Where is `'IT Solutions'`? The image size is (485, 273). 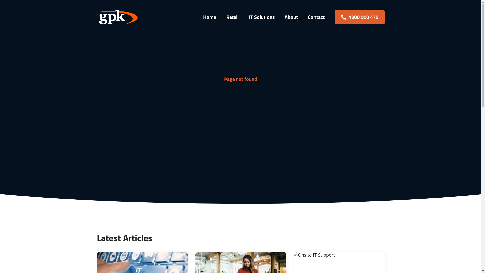 'IT Solutions' is located at coordinates (261, 16).